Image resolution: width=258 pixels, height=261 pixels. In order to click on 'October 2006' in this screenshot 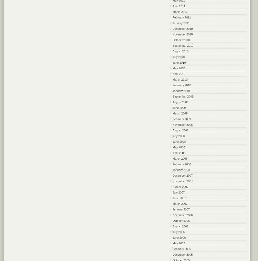, I will do `click(173, 220)`.